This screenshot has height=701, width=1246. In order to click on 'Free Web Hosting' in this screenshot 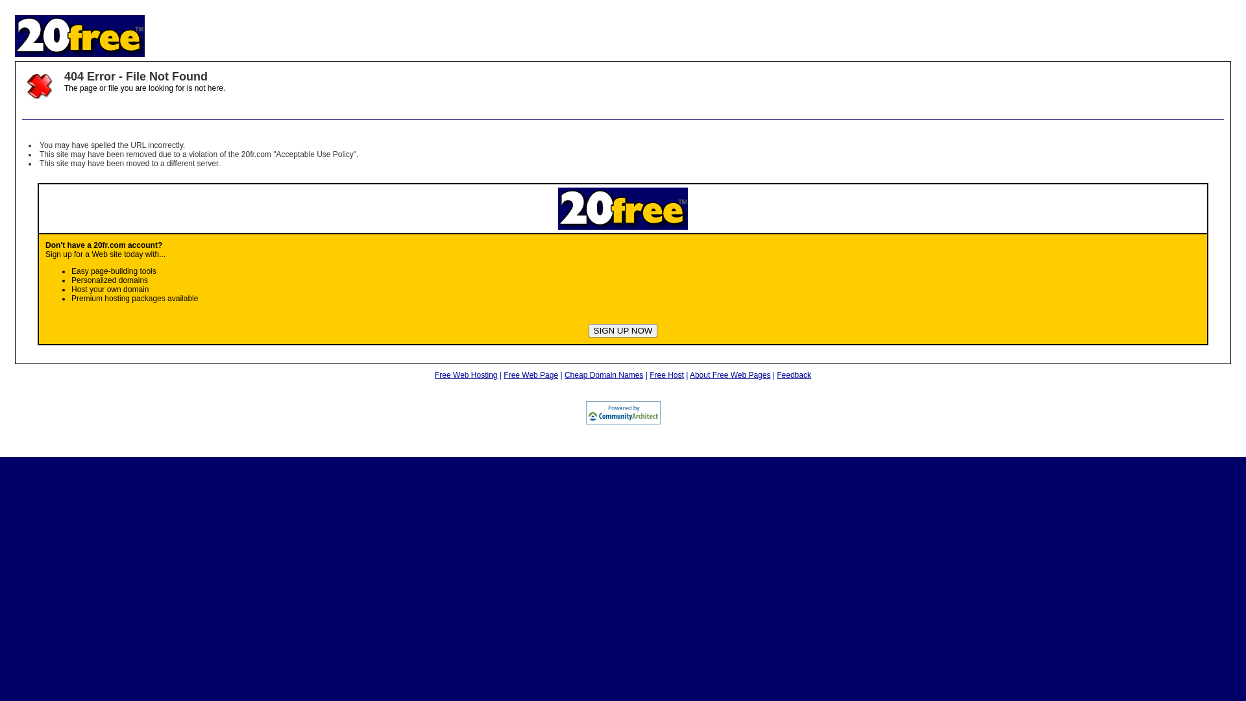, I will do `click(466, 375)`.